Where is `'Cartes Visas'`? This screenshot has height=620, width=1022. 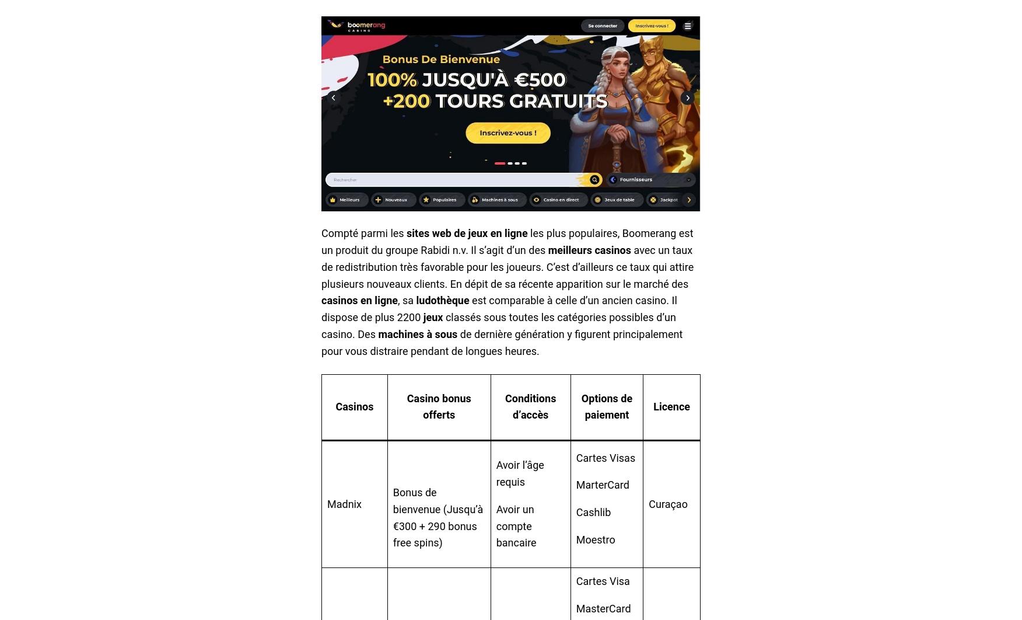
'Cartes Visas' is located at coordinates (605, 457).